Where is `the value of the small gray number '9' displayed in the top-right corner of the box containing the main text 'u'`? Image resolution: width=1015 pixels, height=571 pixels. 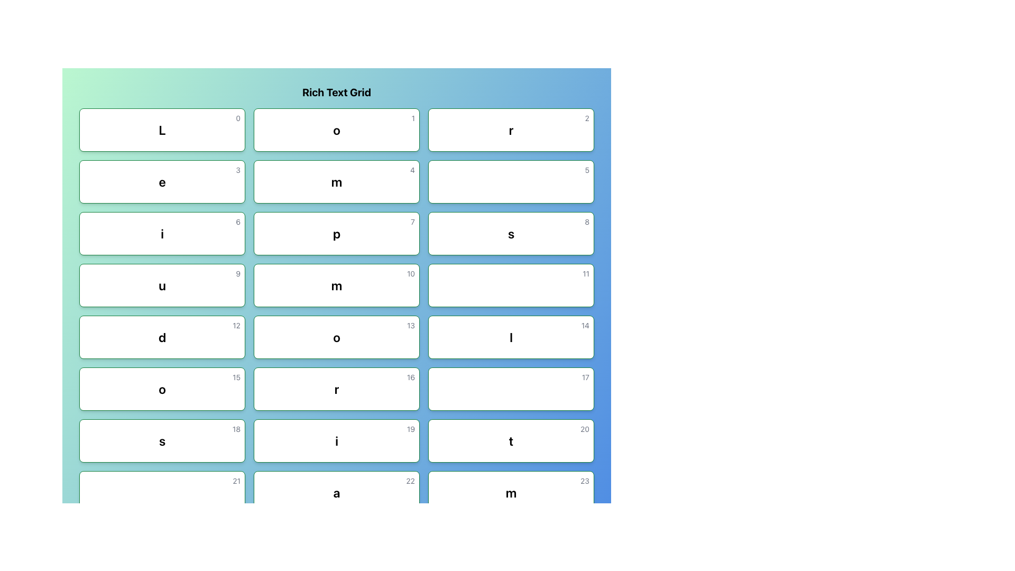
the value of the small gray number '9' displayed in the top-right corner of the box containing the main text 'u' is located at coordinates (237, 273).